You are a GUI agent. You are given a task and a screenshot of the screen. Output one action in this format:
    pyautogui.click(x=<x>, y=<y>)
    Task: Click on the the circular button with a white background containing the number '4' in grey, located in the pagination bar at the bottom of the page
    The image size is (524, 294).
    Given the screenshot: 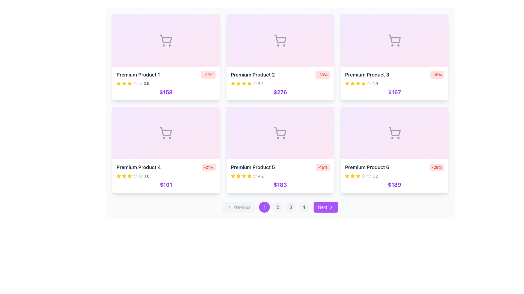 What is the action you would take?
    pyautogui.click(x=303, y=207)
    